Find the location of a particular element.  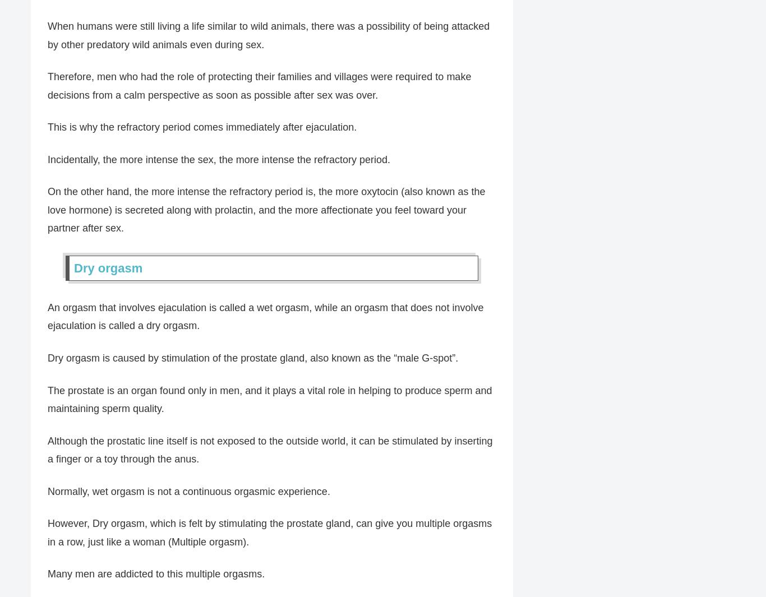

'An orgasm that involves ejaculation is called a wet orgasm, while an orgasm that does not involve ejaculation is called a dry orgasm.' is located at coordinates (265, 316).